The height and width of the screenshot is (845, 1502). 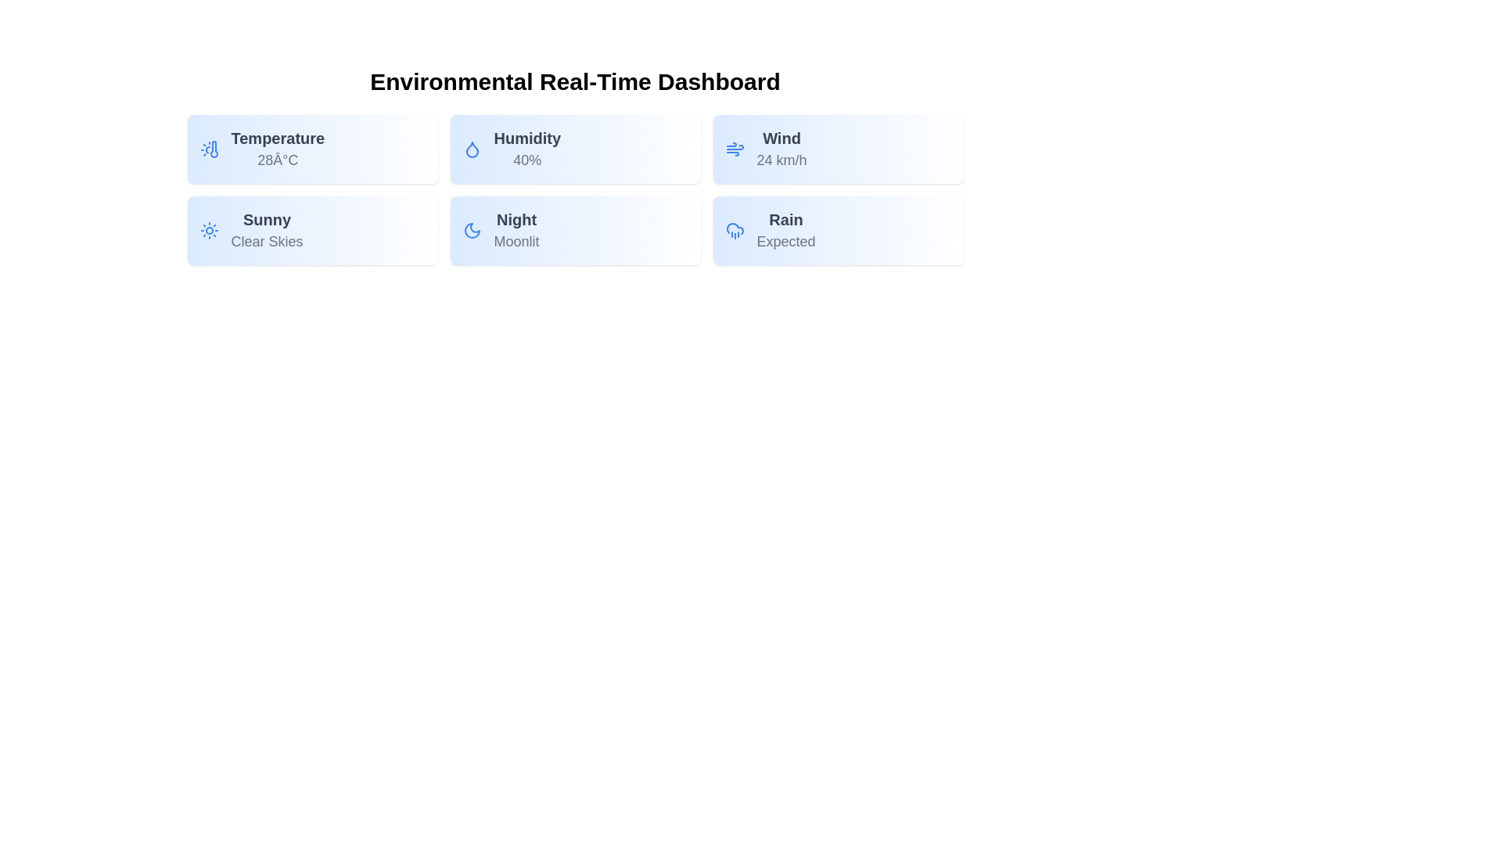 What do you see at coordinates (471, 149) in the screenshot?
I see `the humidity icon located in the top row, second column of the 'Humidity 40%' card, positioned to the left of the 'Humidity' label and percentage text` at bounding box center [471, 149].